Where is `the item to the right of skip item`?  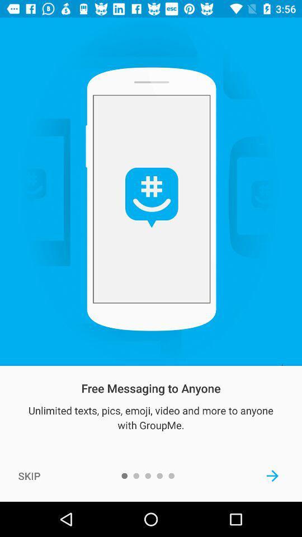 the item to the right of skip item is located at coordinates (272, 475).